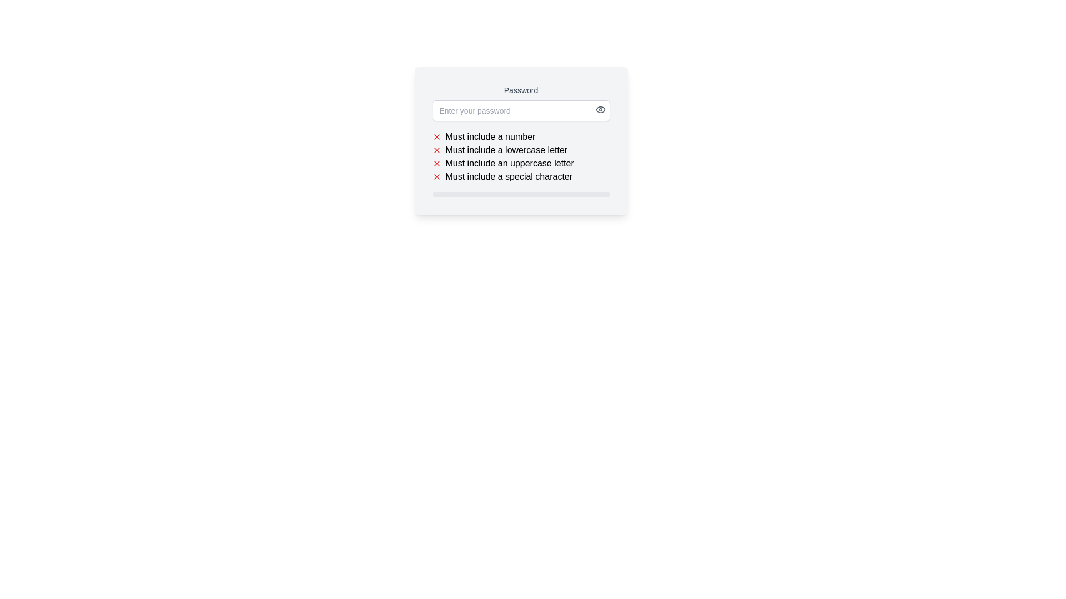 The width and height of the screenshot is (1066, 599). I want to click on the fourth item in the vertical list of password requirements, which indicates that the password must include a special character and currently does not meet this requirement, so click(508, 176).